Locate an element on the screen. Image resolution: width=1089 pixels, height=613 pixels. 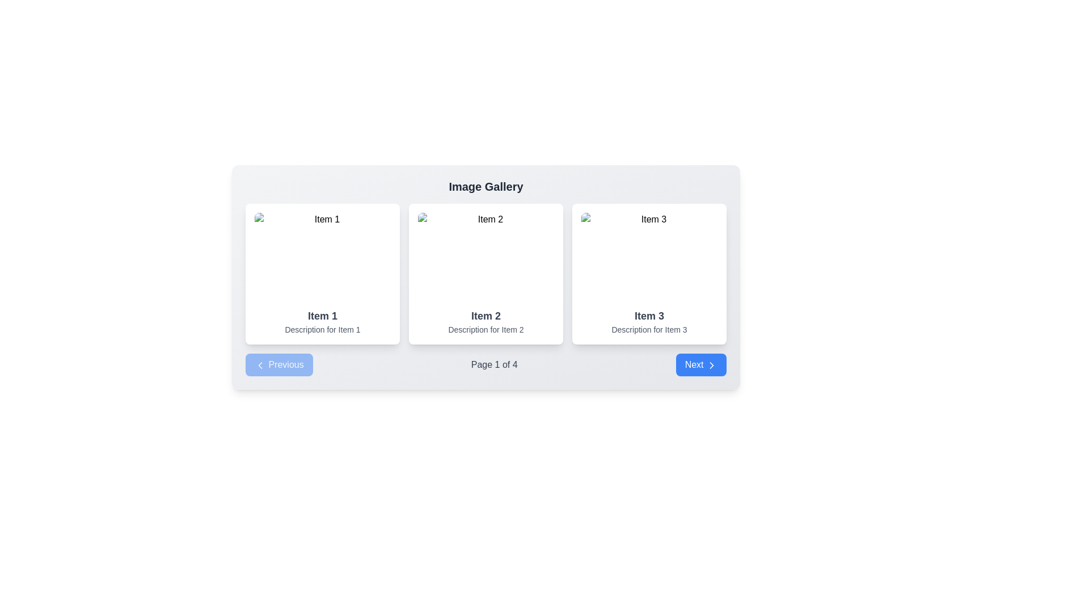
the keyboard is located at coordinates (322, 274).